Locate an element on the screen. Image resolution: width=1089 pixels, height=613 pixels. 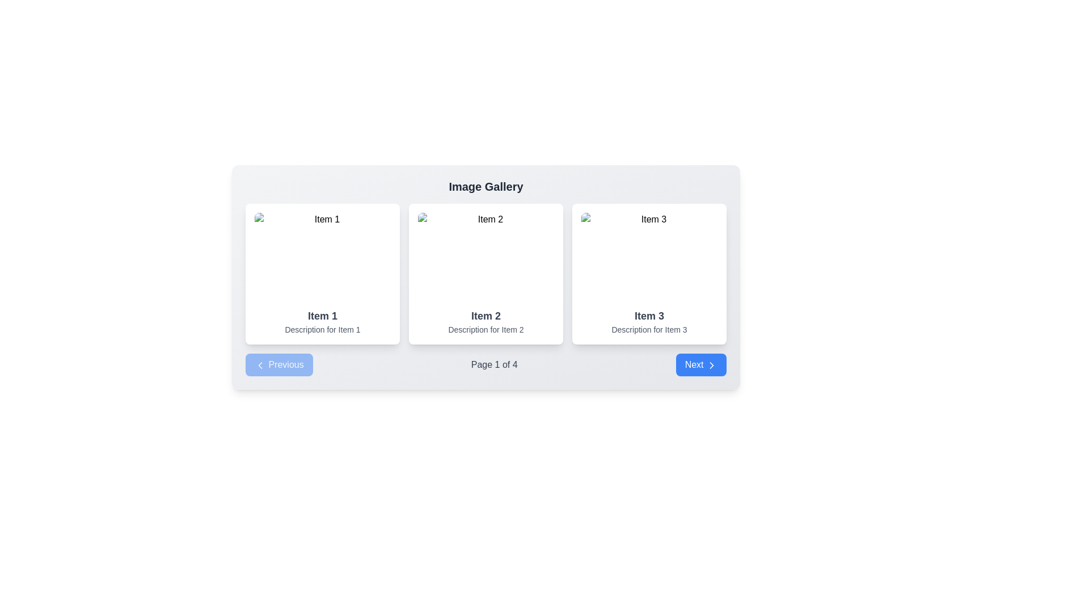
the keyboard is located at coordinates (322, 274).